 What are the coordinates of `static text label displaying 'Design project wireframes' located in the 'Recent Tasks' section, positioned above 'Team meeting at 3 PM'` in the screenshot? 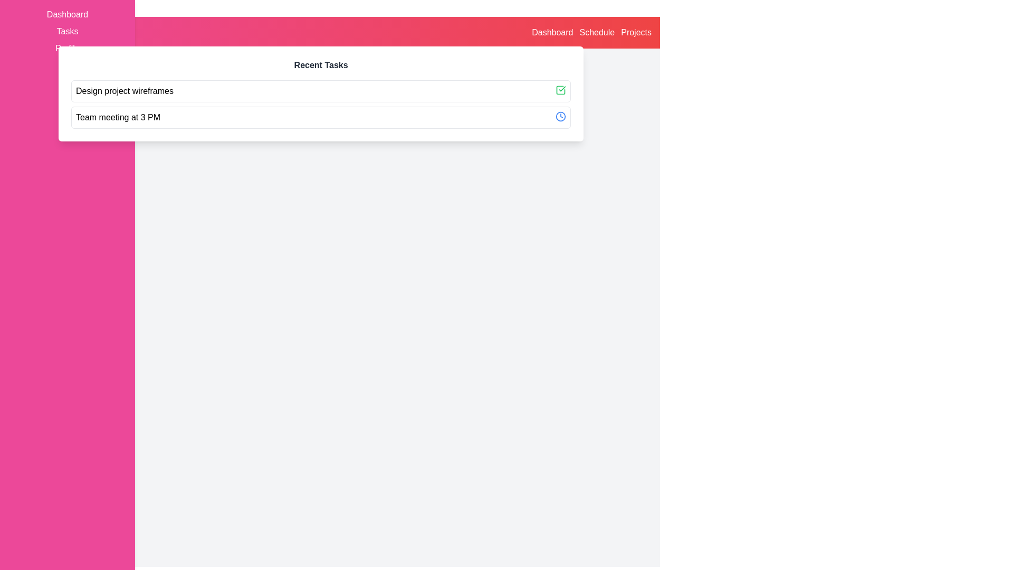 It's located at (125, 91).